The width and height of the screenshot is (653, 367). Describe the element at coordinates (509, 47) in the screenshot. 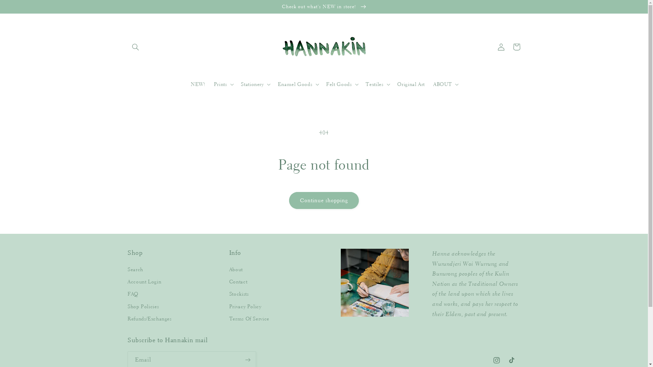

I see `'Cart'` at that location.